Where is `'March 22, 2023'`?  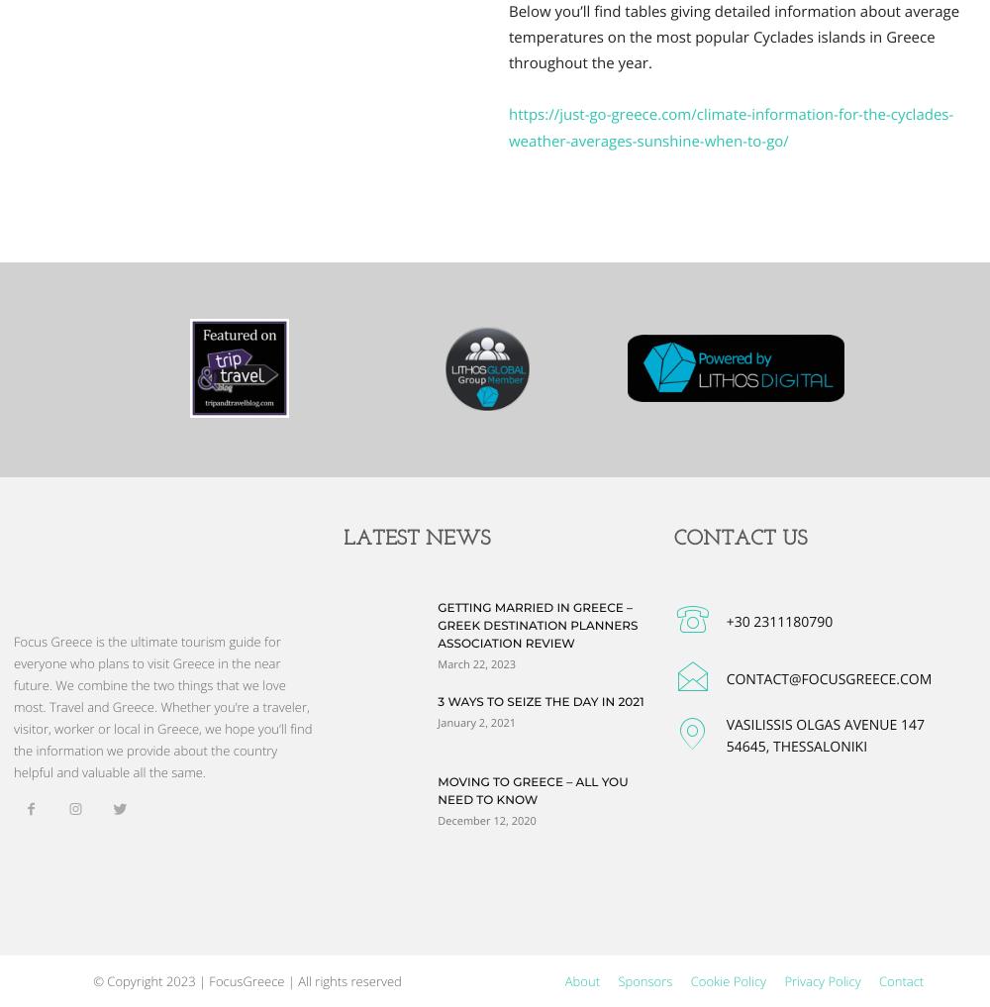
'March 22, 2023' is located at coordinates (437, 663).